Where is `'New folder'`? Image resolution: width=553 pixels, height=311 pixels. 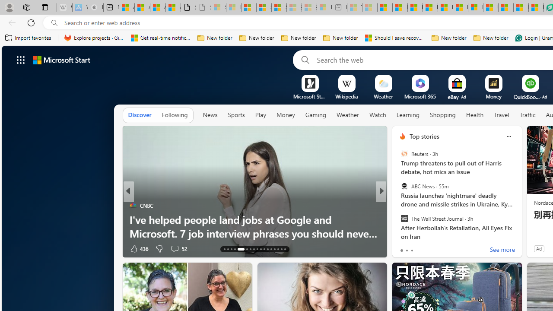
'New folder' is located at coordinates (491, 38).